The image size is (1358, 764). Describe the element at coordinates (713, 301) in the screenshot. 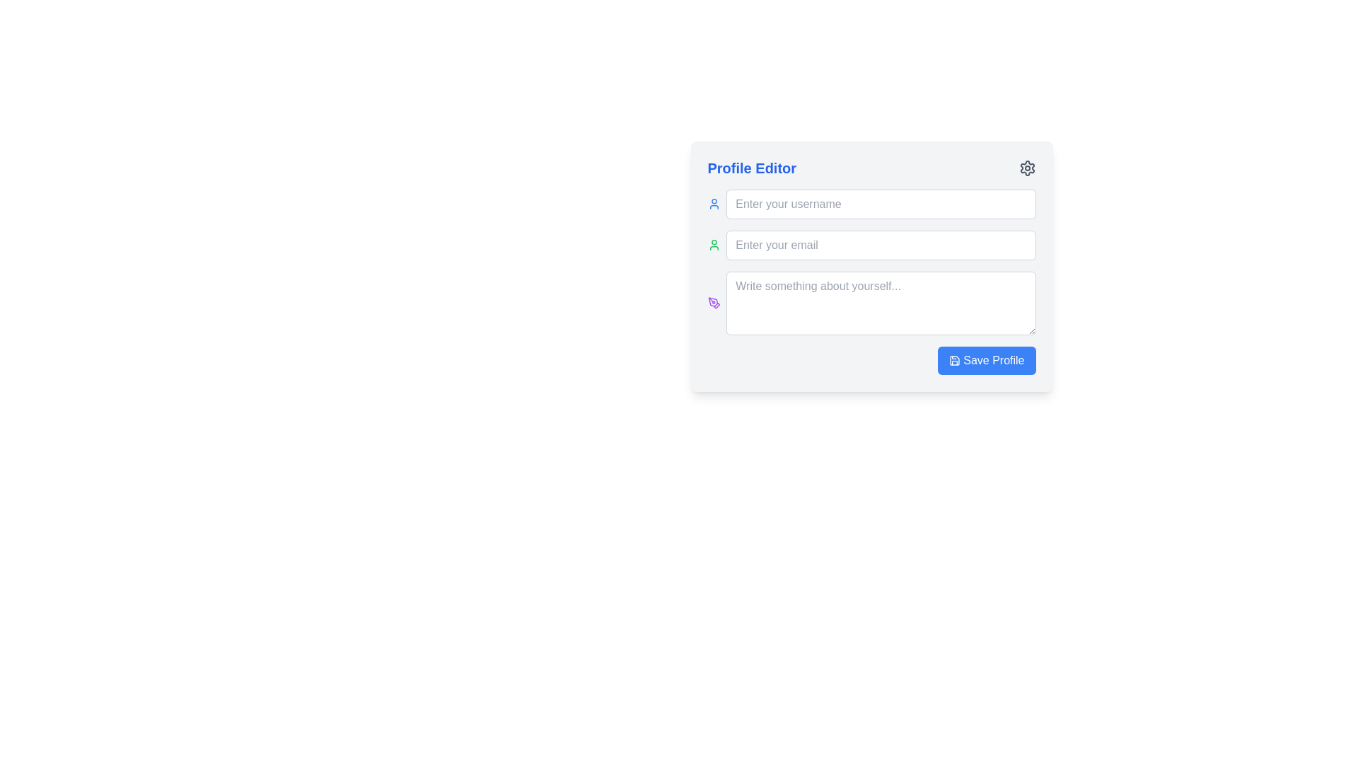

I see `the decorative pen tool icon located to the left of the 'Write something about yourself' text area in the Profile Editor form` at that location.